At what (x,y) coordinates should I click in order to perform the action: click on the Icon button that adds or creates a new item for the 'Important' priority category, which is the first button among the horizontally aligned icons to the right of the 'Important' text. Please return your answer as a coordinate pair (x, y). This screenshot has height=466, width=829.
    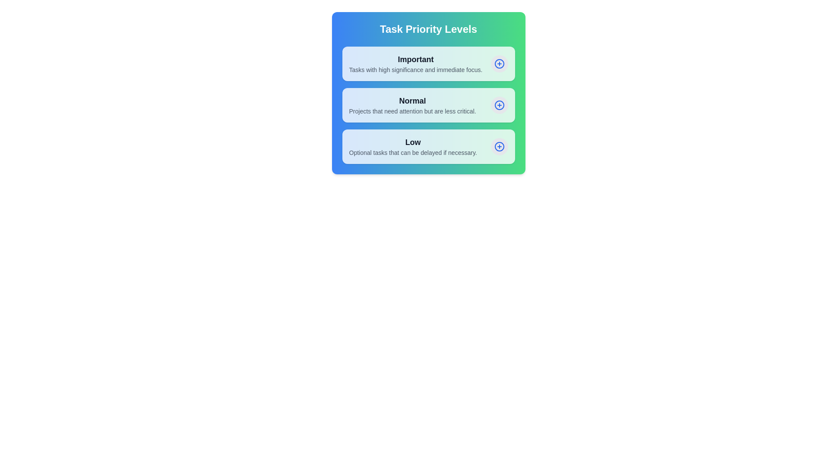
    Looking at the image, I should click on (499, 63).